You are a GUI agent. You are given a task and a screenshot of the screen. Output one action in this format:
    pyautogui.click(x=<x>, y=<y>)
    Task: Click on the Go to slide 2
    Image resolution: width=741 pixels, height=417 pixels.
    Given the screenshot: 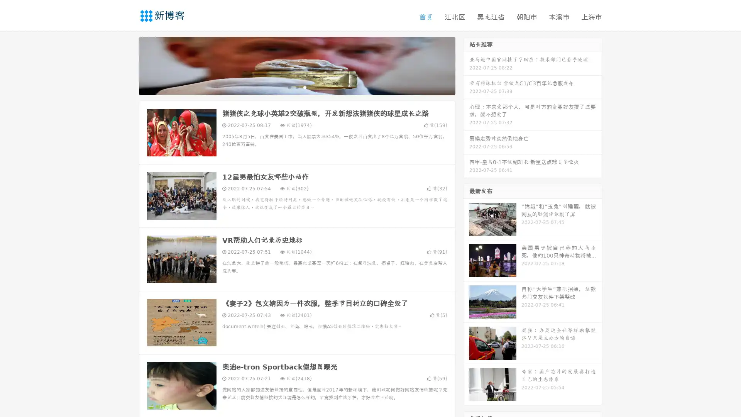 What is the action you would take?
    pyautogui.click(x=296, y=87)
    